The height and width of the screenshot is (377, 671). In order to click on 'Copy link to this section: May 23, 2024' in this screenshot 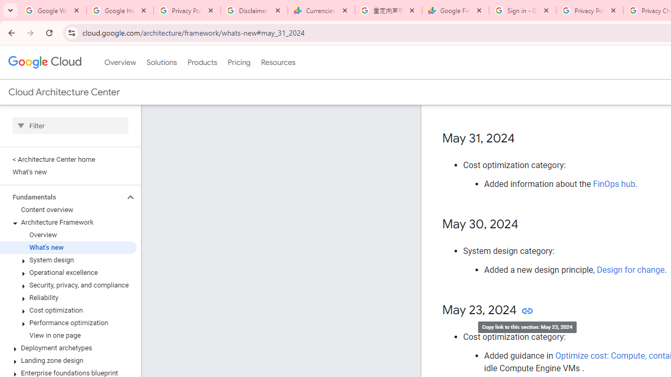, I will do `click(527, 310)`.